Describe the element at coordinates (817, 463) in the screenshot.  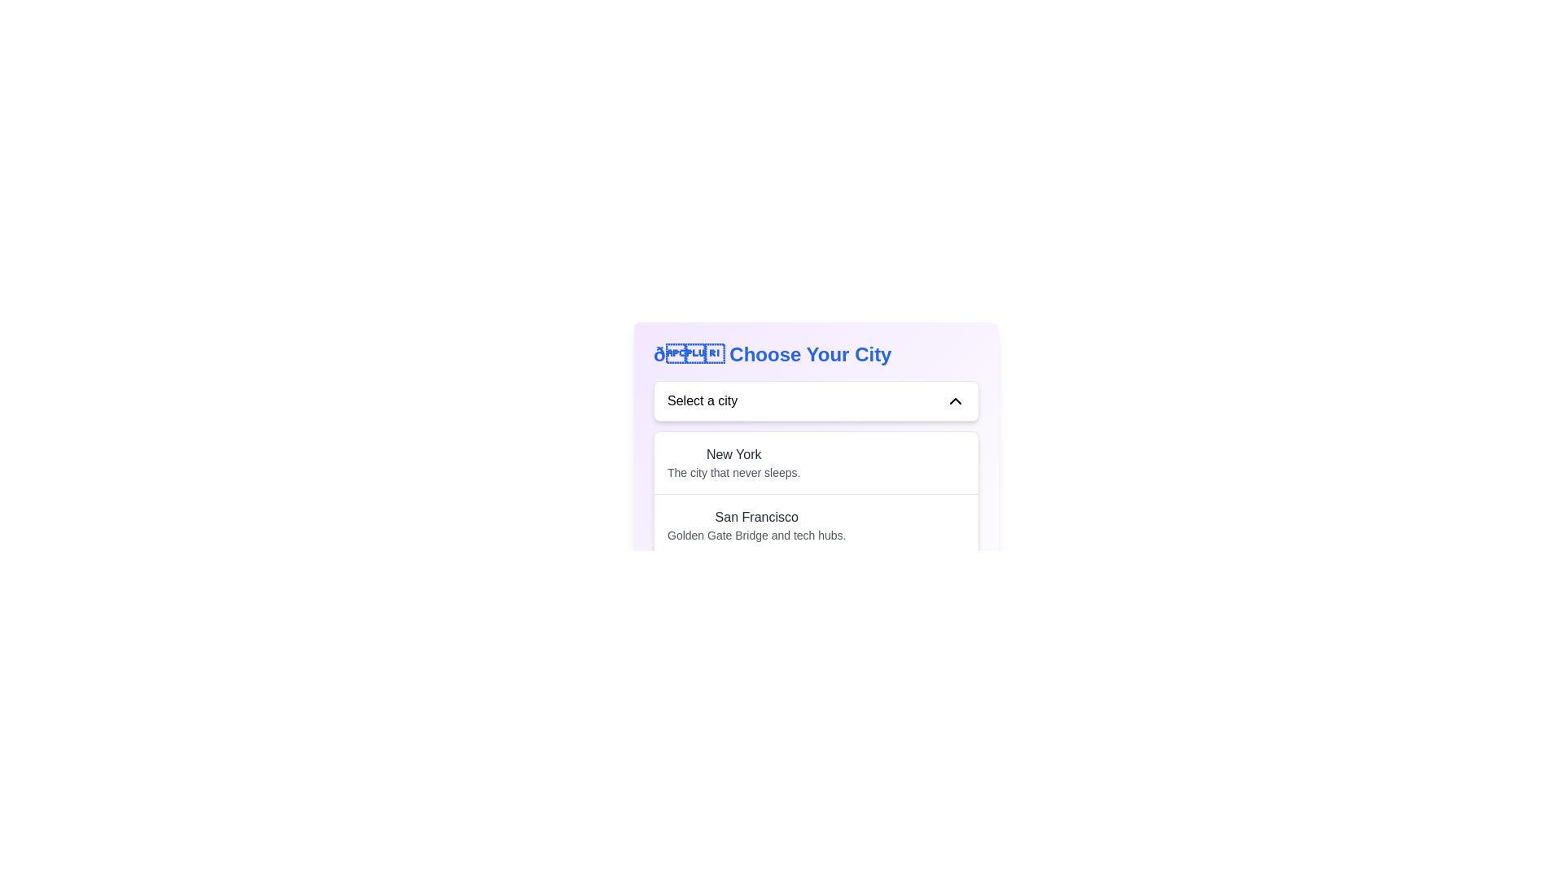
I see `the list item displaying 'New York' with the subtitle 'The city that never sleeps'` at that location.